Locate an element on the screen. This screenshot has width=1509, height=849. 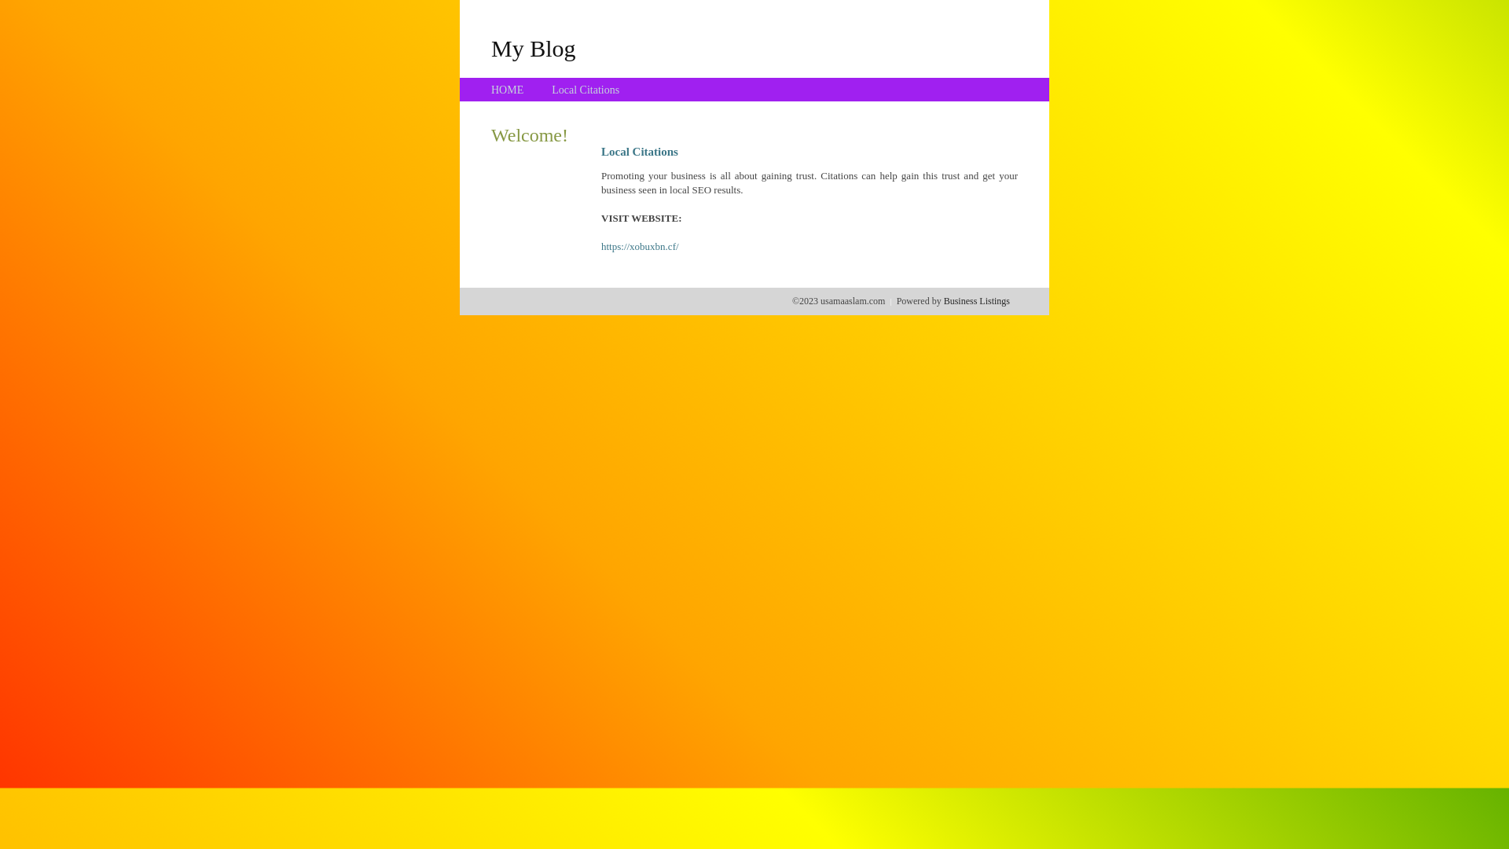
'Local Citations' is located at coordinates (584, 90).